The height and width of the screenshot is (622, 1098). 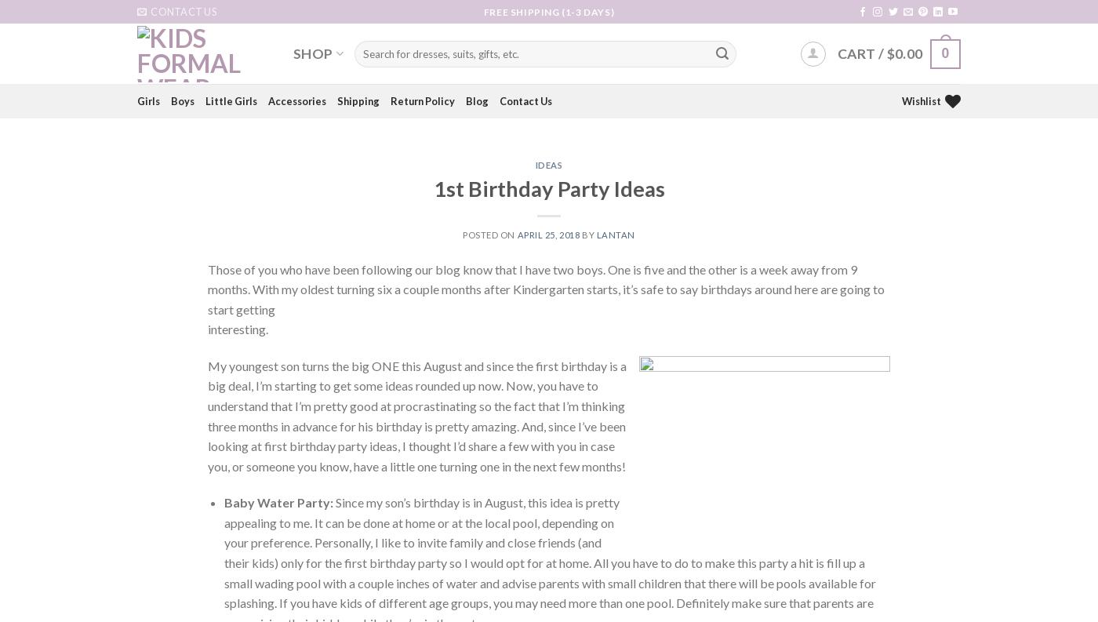 What do you see at coordinates (268, 100) in the screenshot?
I see `'Accessories'` at bounding box center [268, 100].